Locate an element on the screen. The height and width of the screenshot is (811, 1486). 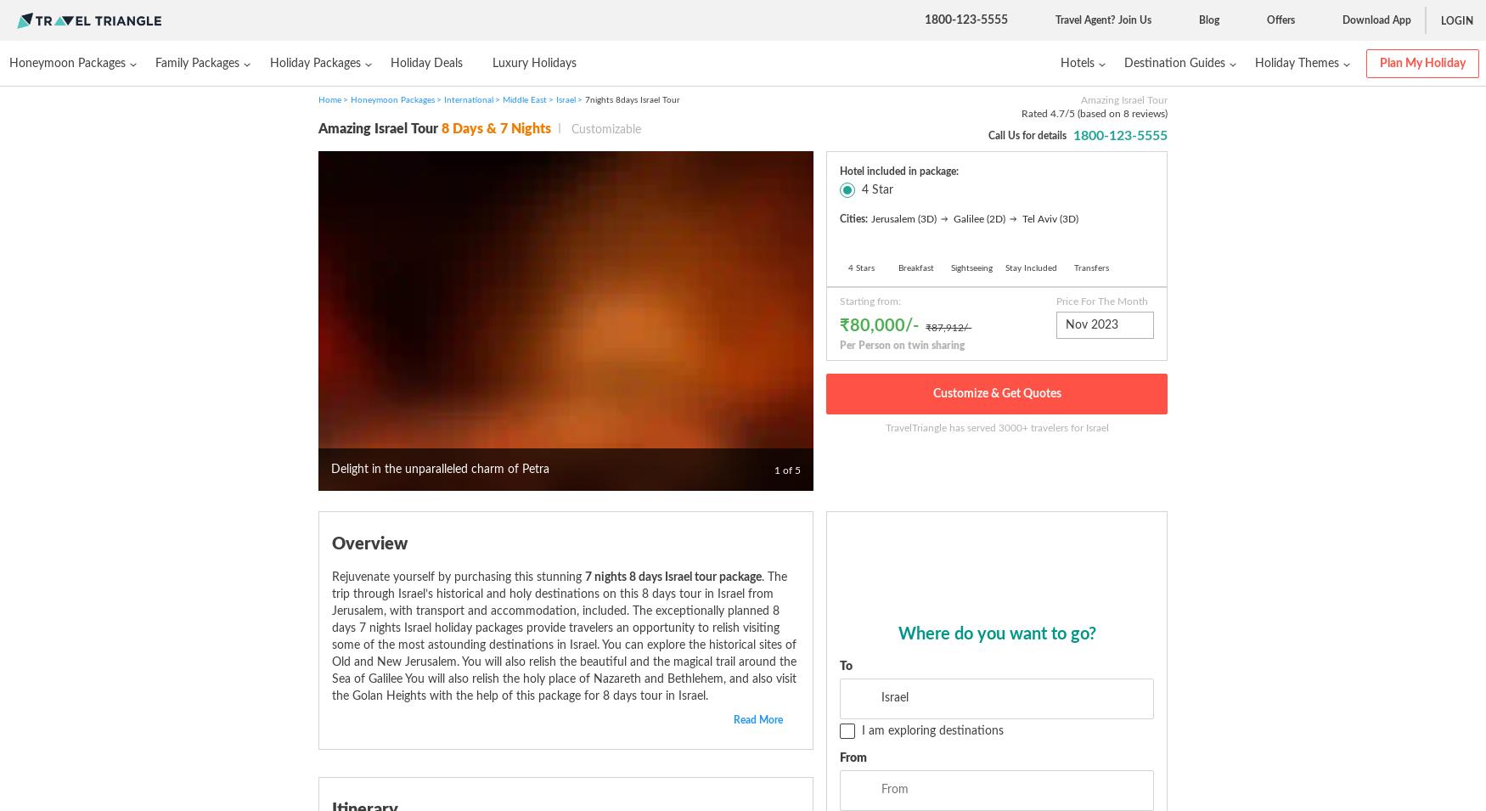
'1800-123-5555' is located at coordinates (925, 19).